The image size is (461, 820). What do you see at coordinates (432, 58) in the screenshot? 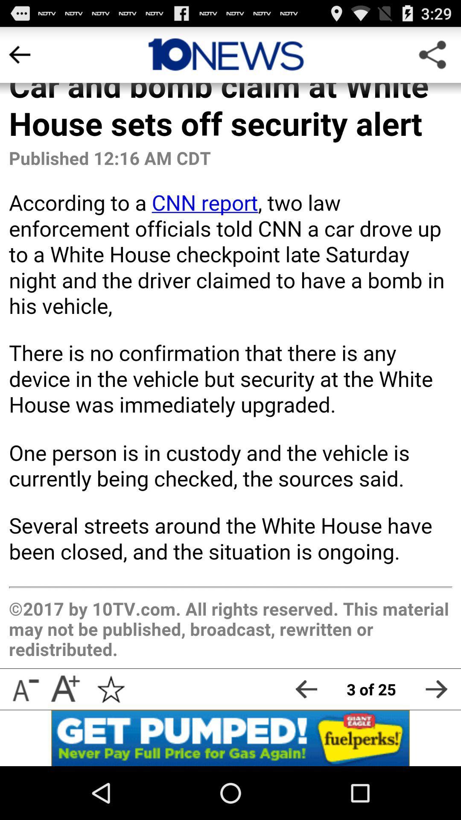
I see `the share icon` at bounding box center [432, 58].